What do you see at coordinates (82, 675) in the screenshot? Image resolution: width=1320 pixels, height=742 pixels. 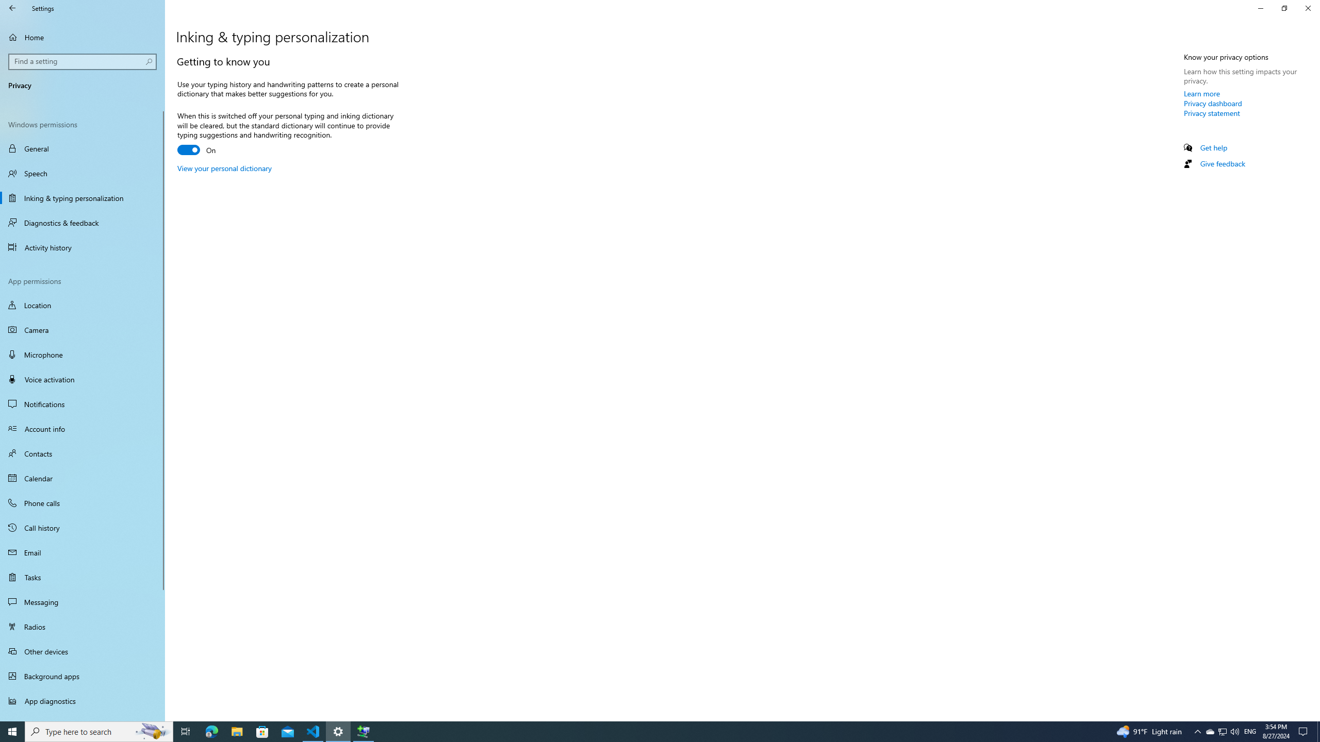 I see `'Background apps'` at bounding box center [82, 675].